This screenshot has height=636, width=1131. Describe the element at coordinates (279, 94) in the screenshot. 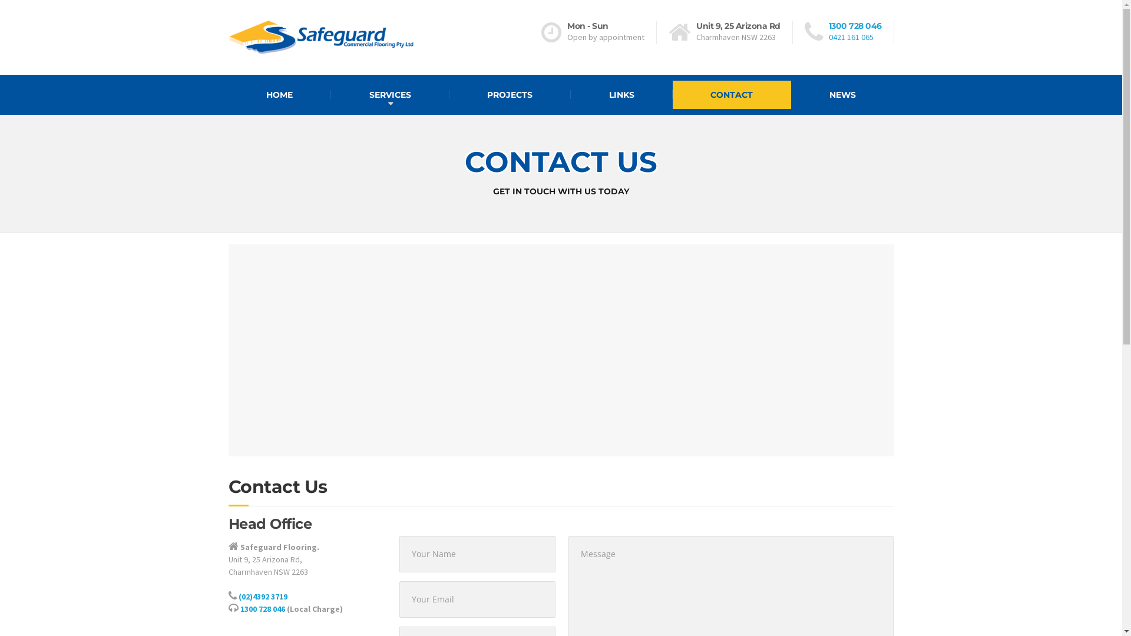

I see `'HOME'` at that location.